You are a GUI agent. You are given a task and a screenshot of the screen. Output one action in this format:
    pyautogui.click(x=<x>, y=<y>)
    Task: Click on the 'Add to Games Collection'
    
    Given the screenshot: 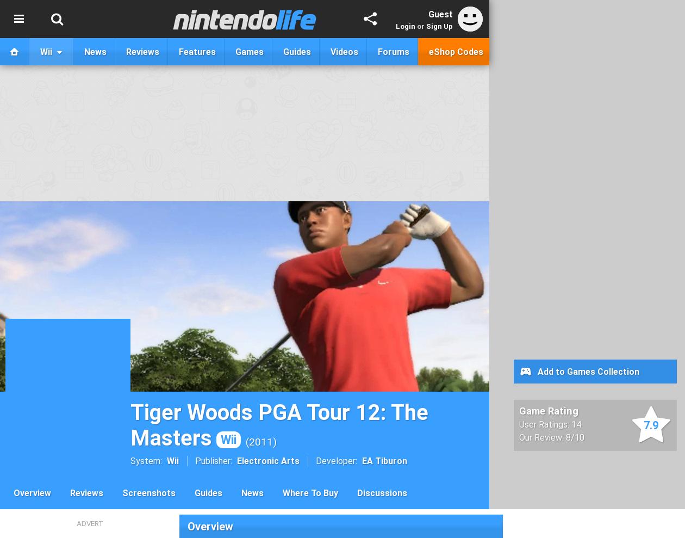 What is the action you would take?
    pyautogui.click(x=587, y=370)
    